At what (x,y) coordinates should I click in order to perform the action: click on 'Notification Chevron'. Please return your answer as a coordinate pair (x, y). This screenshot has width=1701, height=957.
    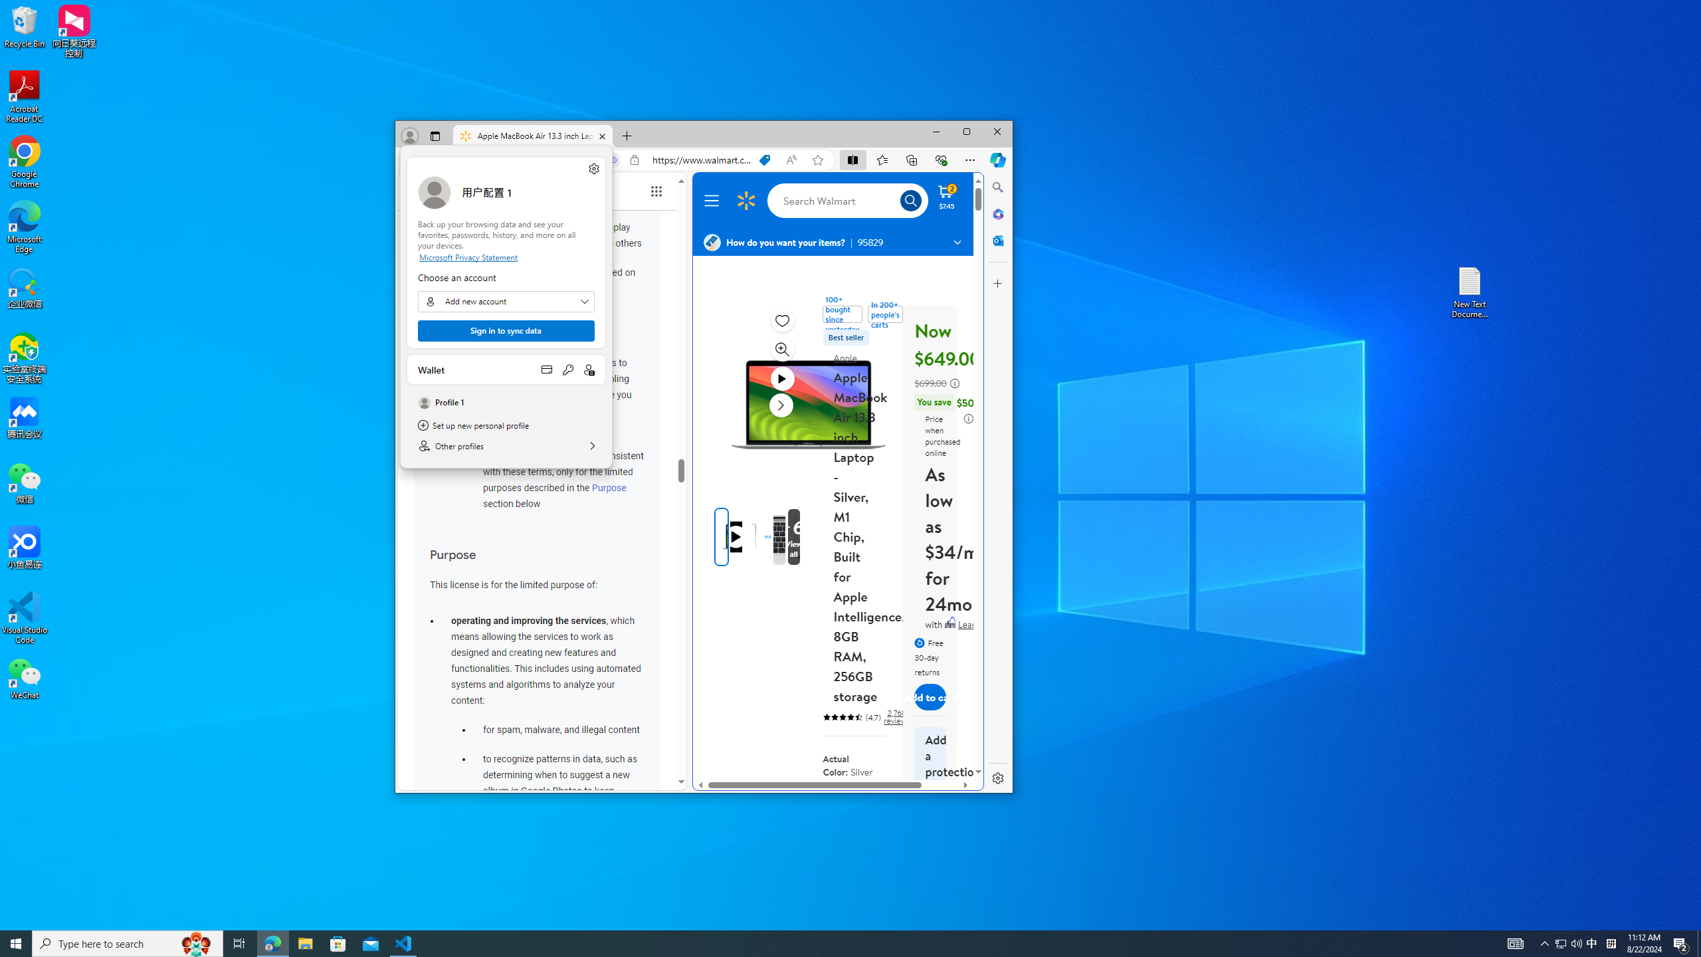
    Looking at the image, I should click on (1560, 942).